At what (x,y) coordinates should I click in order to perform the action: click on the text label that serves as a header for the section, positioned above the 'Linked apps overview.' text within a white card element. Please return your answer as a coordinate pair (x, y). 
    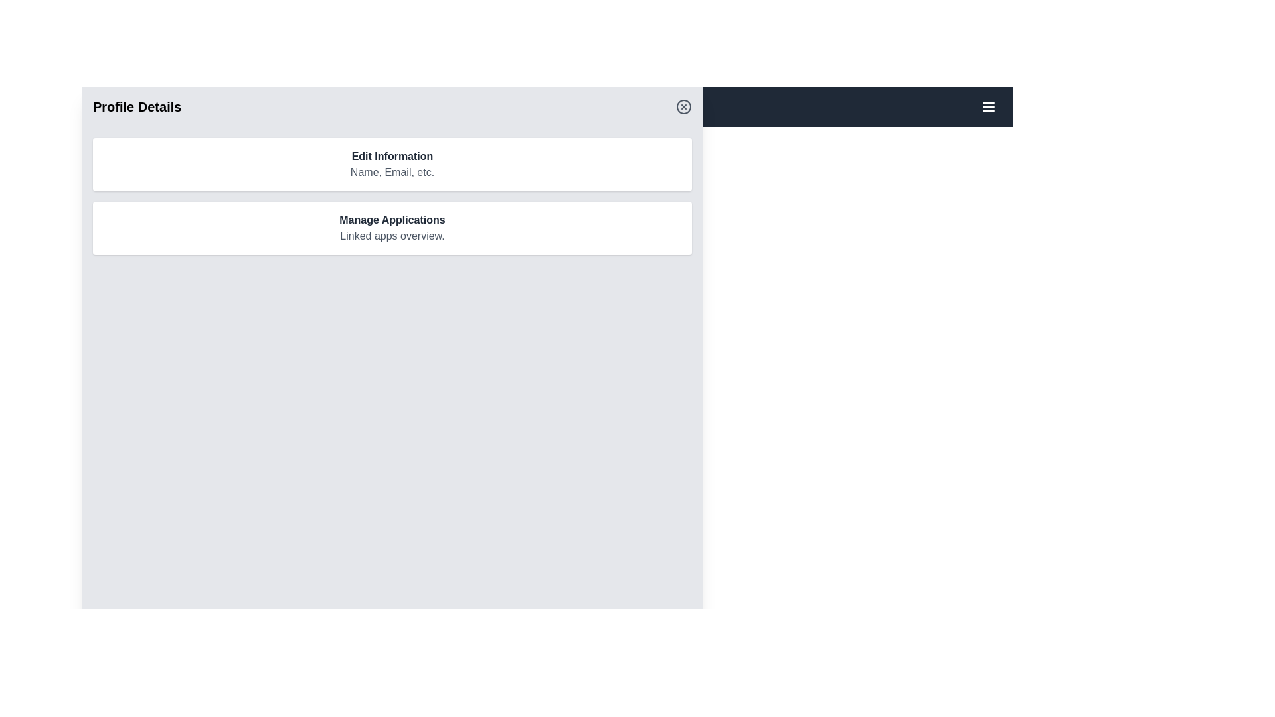
    Looking at the image, I should click on (391, 219).